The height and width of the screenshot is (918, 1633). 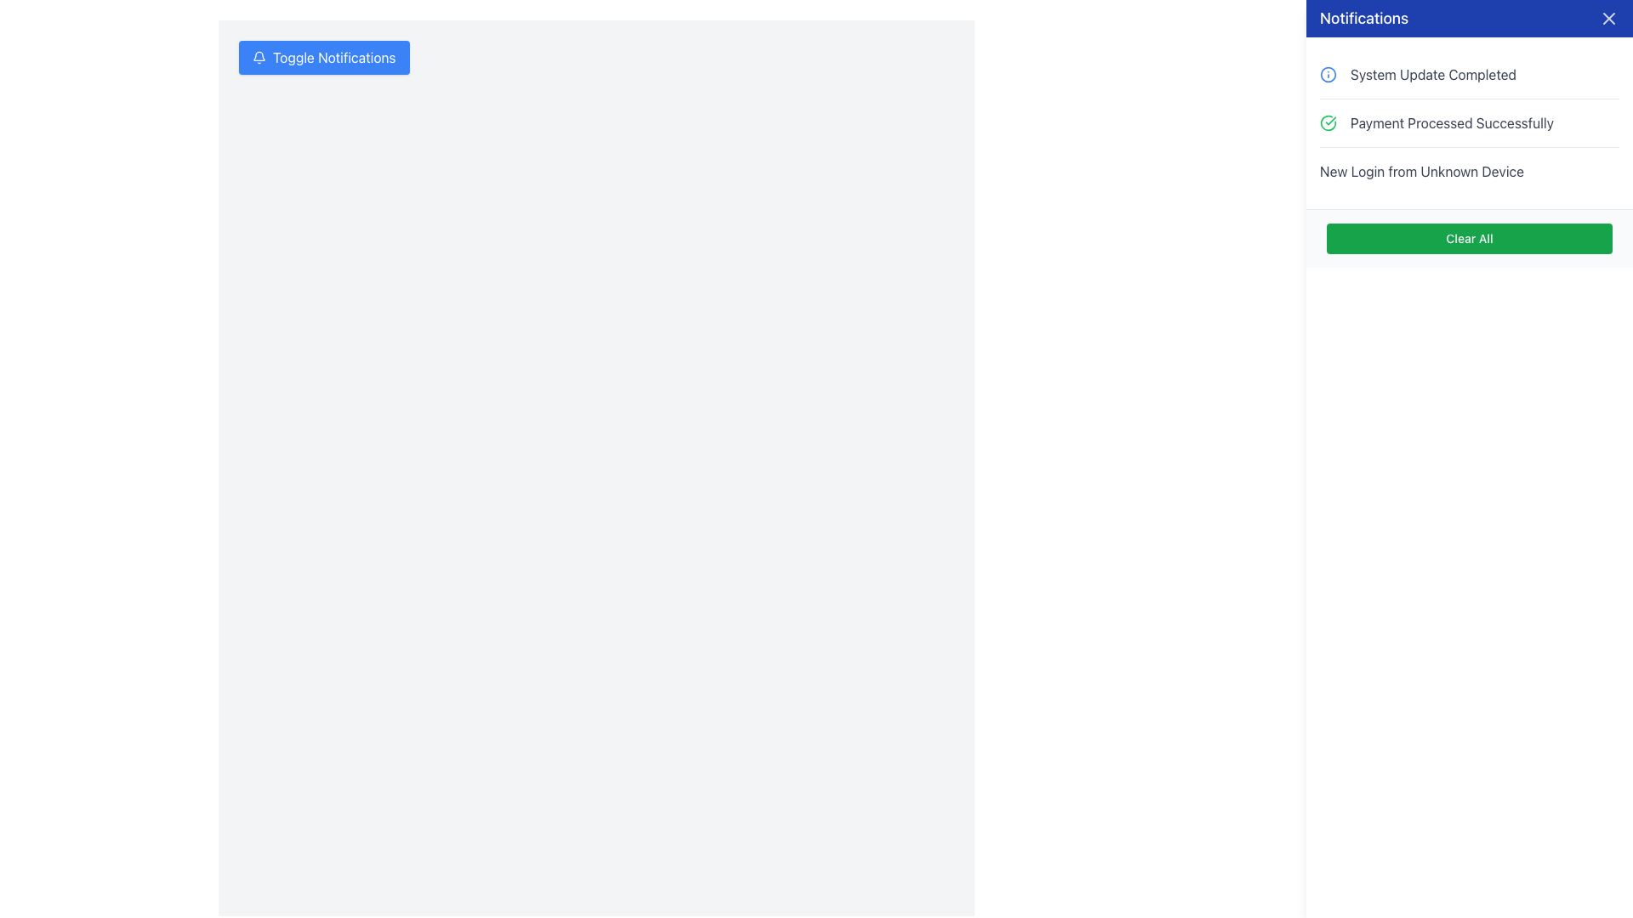 I want to click on notification message about a new login from an unknown device located in the Notifications panel, specifically the third notification in the list, so click(x=1421, y=171).